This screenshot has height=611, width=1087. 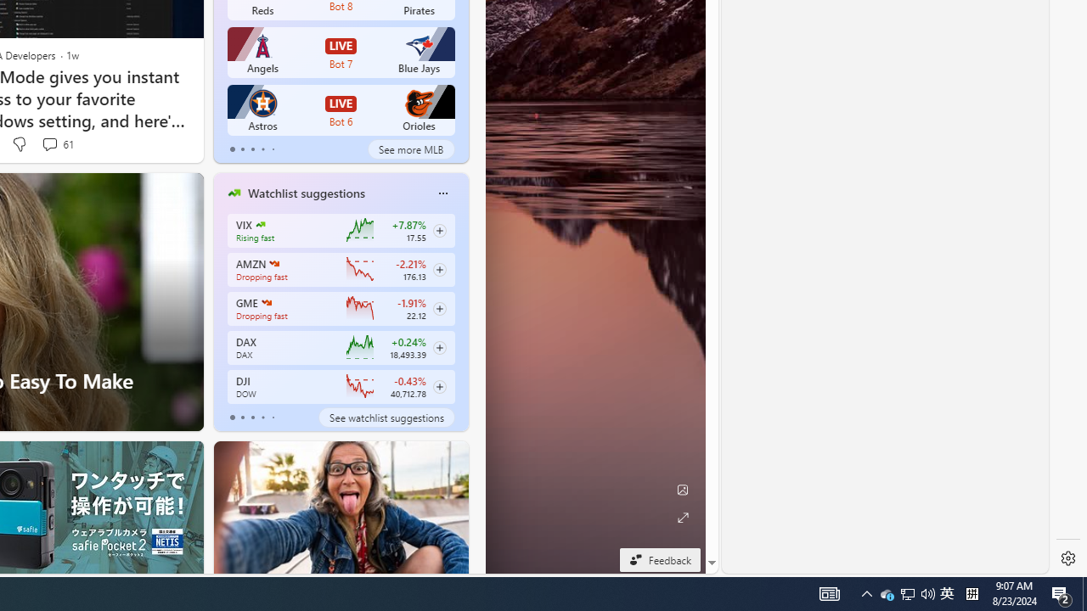 What do you see at coordinates (231, 418) in the screenshot?
I see `'tab-0'` at bounding box center [231, 418].